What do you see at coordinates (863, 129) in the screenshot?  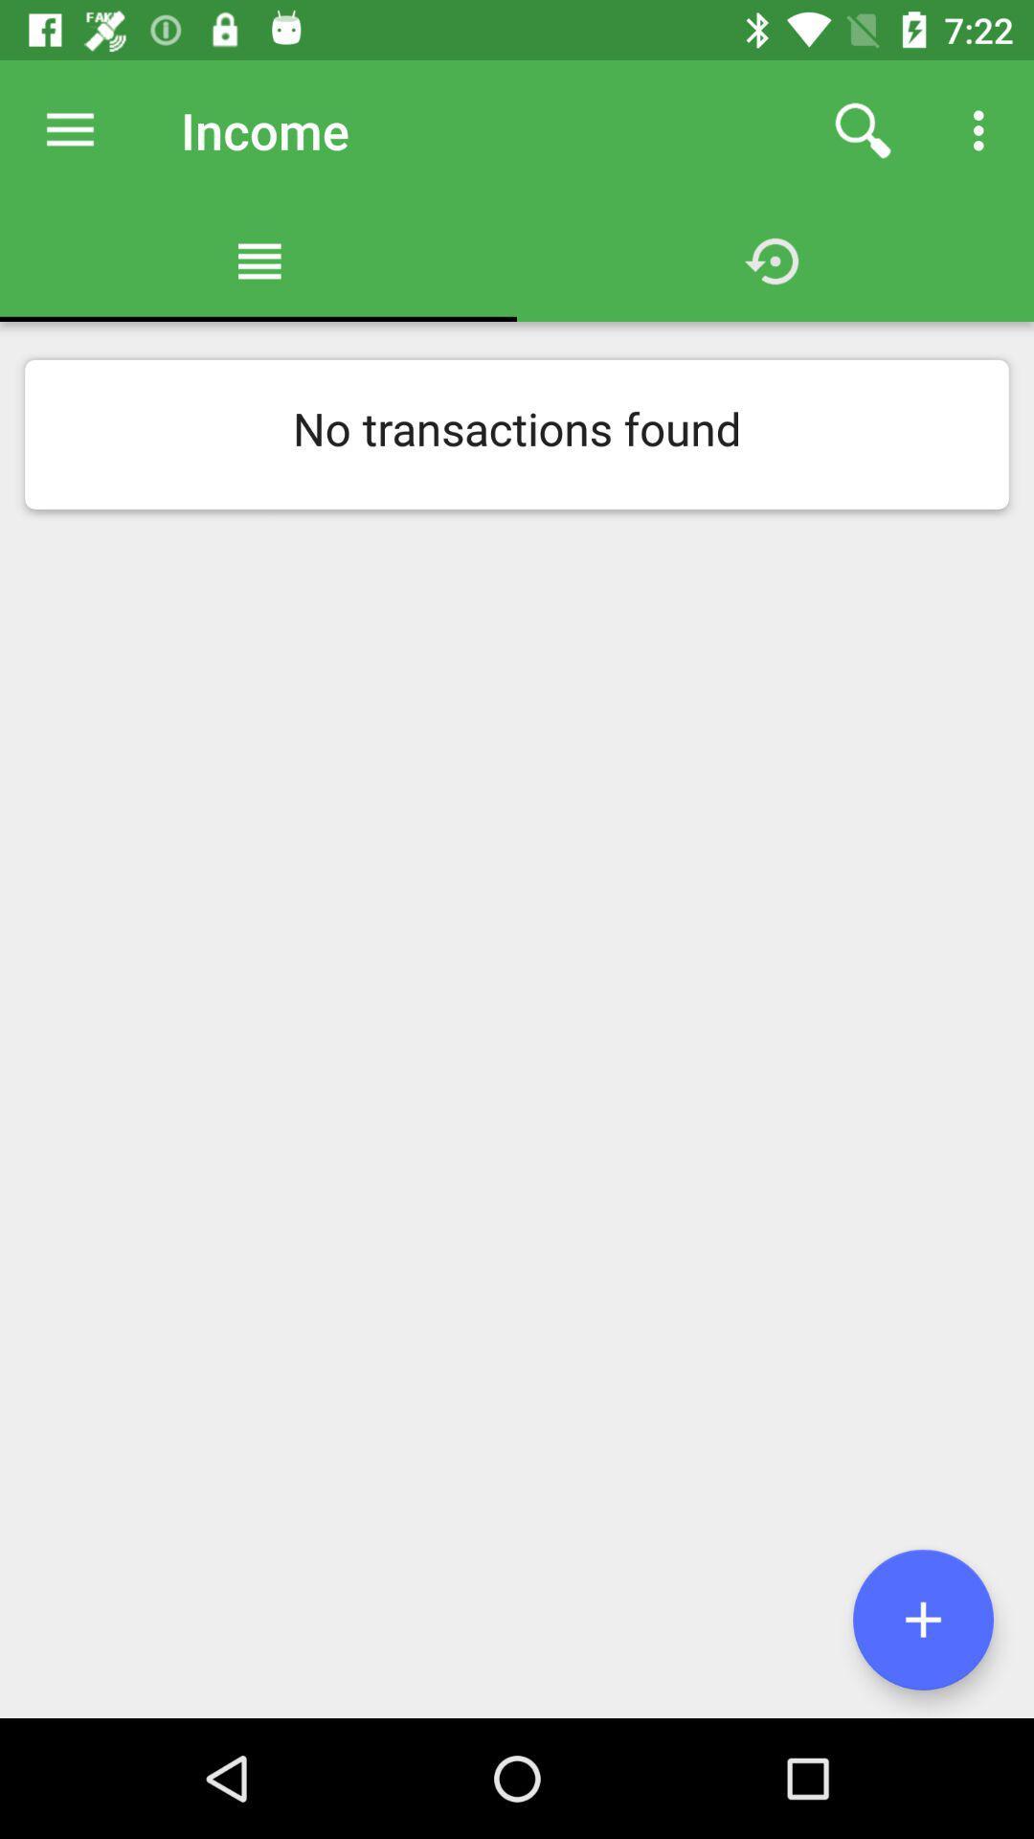 I see `icon to the right of income` at bounding box center [863, 129].